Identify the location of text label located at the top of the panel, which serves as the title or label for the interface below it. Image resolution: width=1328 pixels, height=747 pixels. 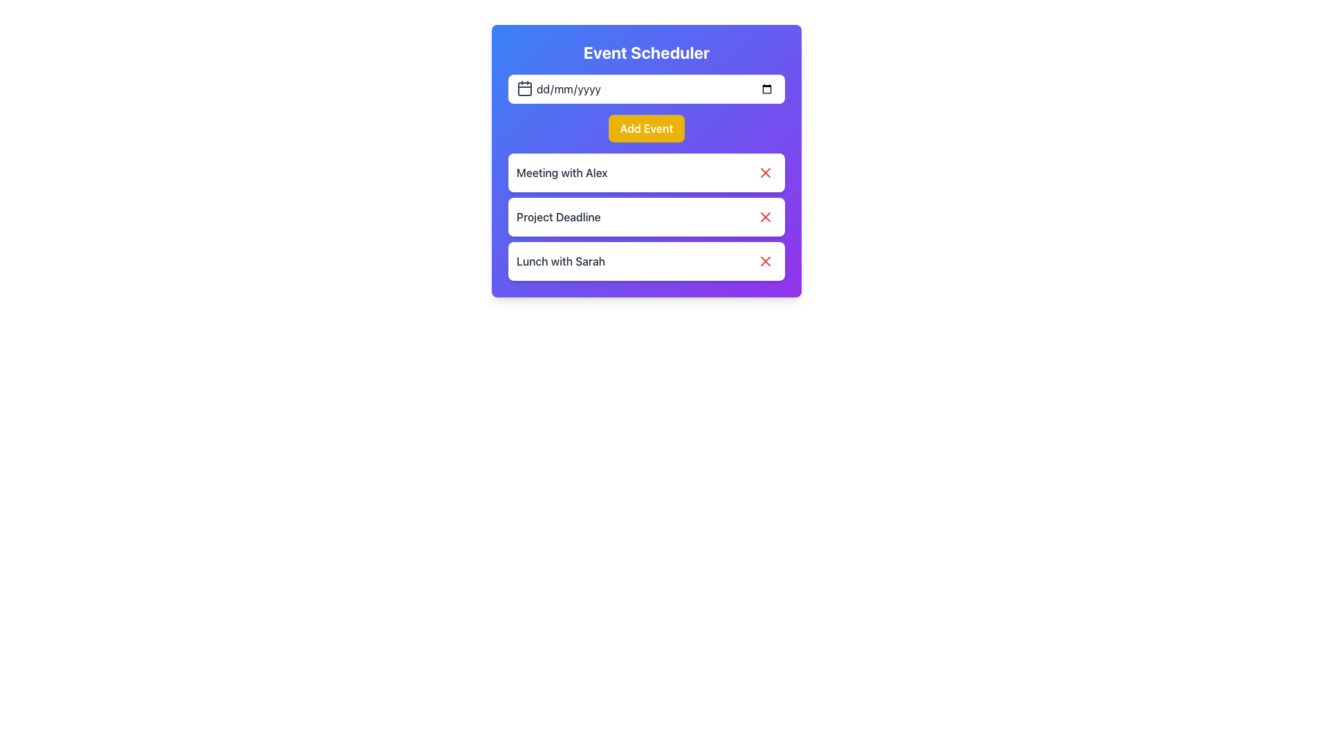
(646, 52).